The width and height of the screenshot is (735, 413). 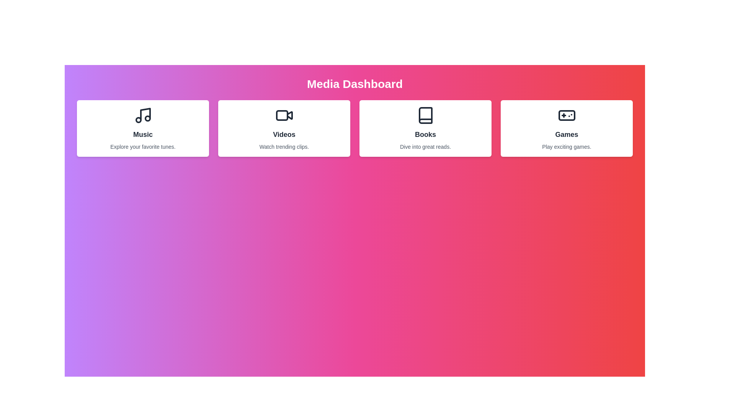 I want to click on the leftmost circle of the music note icon within the 'Music' card displayed on the dashboard, so click(x=138, y=120).